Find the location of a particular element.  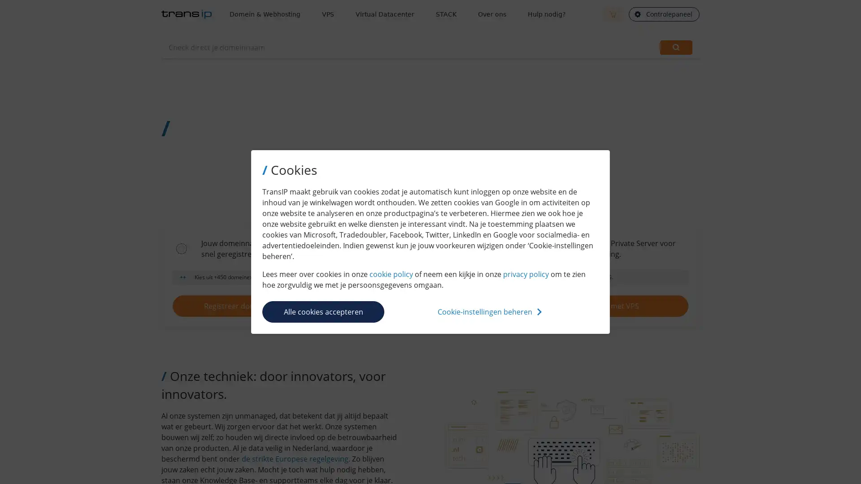

Alle cookies accepteren is located at coordinates (323, 311).